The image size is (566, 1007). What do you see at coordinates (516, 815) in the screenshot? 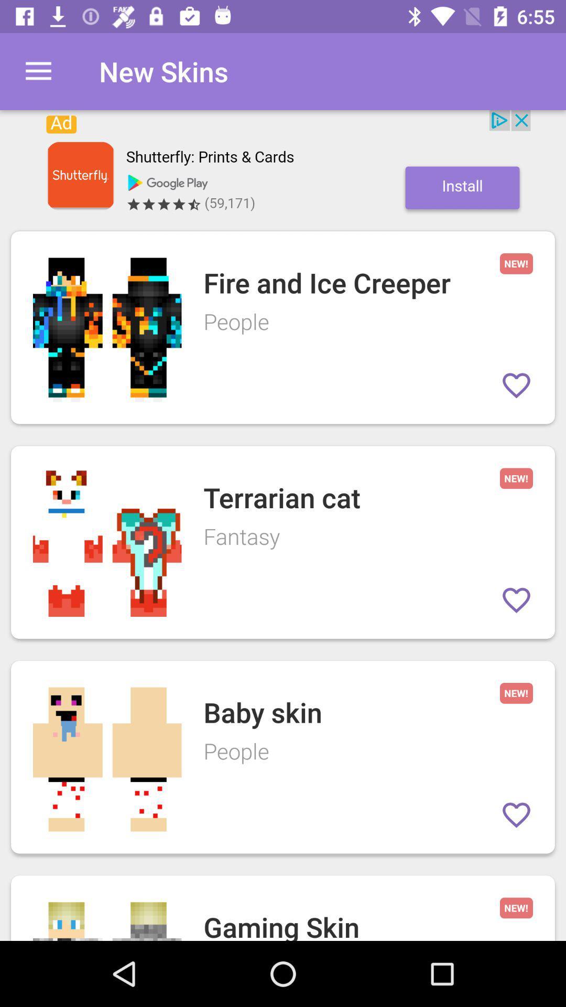
I see `love this content` at bounding box center [516, 815].